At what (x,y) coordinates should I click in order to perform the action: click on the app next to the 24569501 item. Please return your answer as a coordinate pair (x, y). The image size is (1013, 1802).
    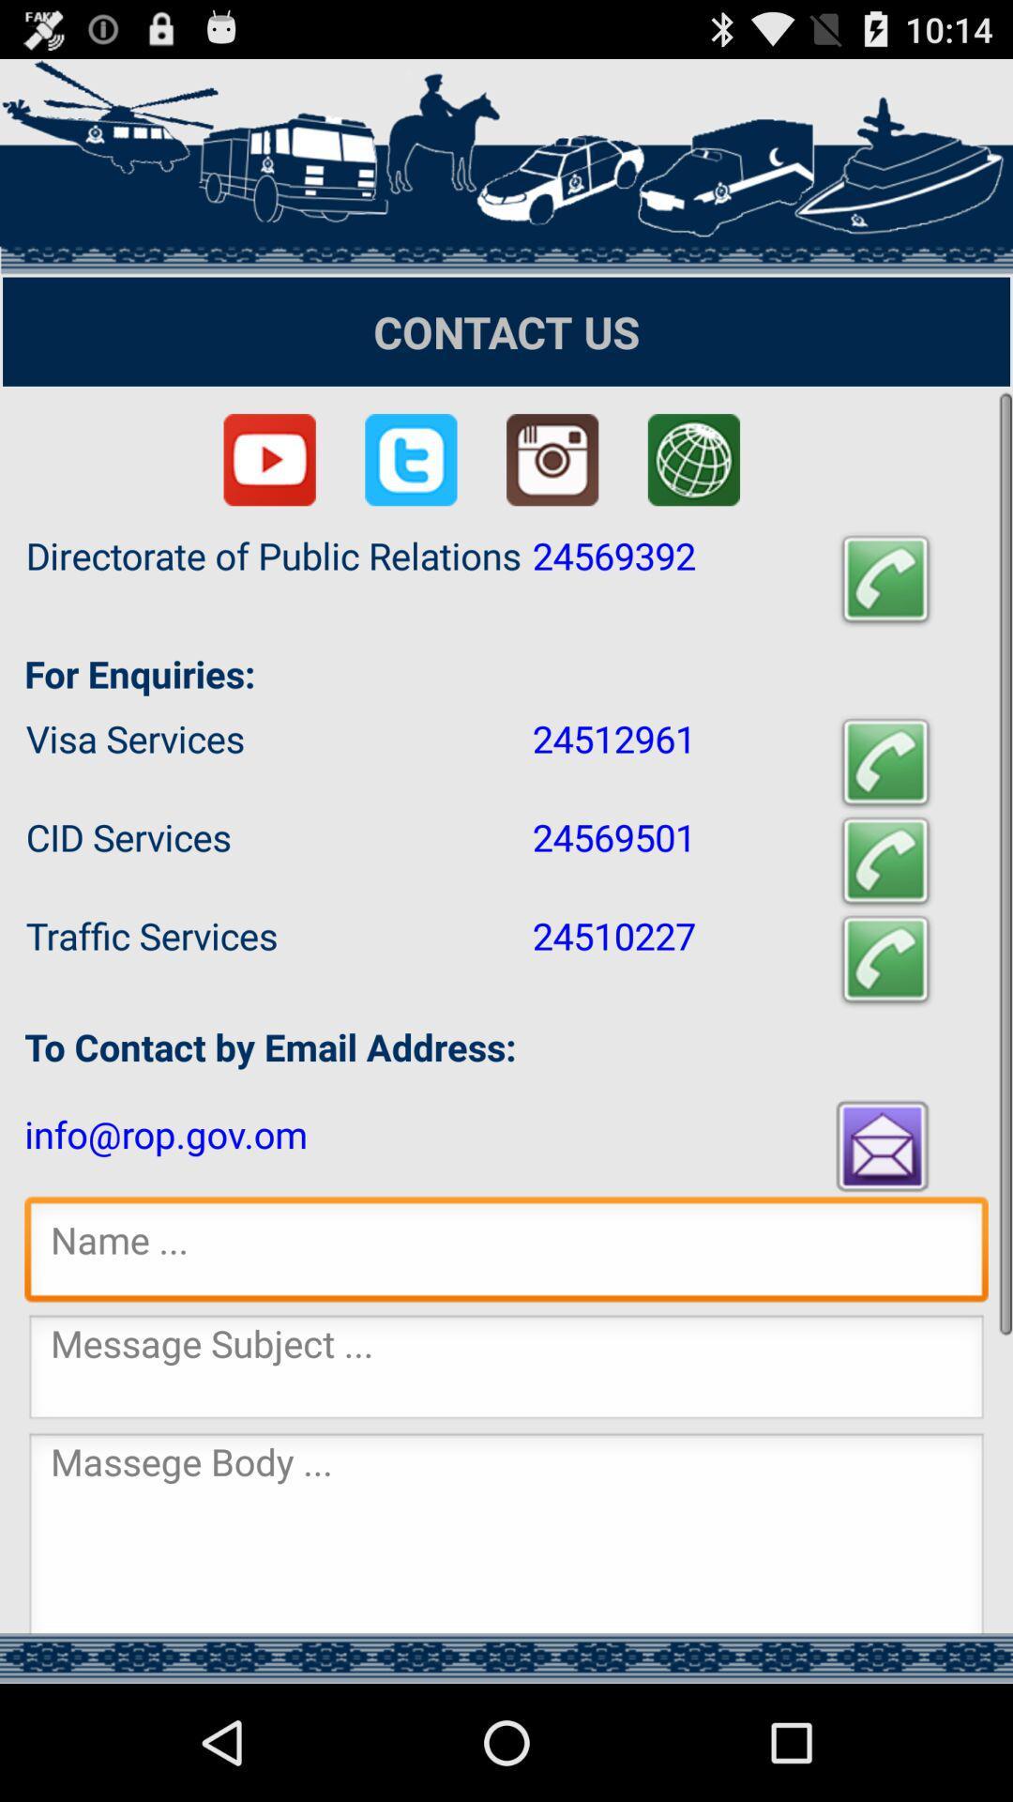
    Looking at the image, I should click on (885, 860).